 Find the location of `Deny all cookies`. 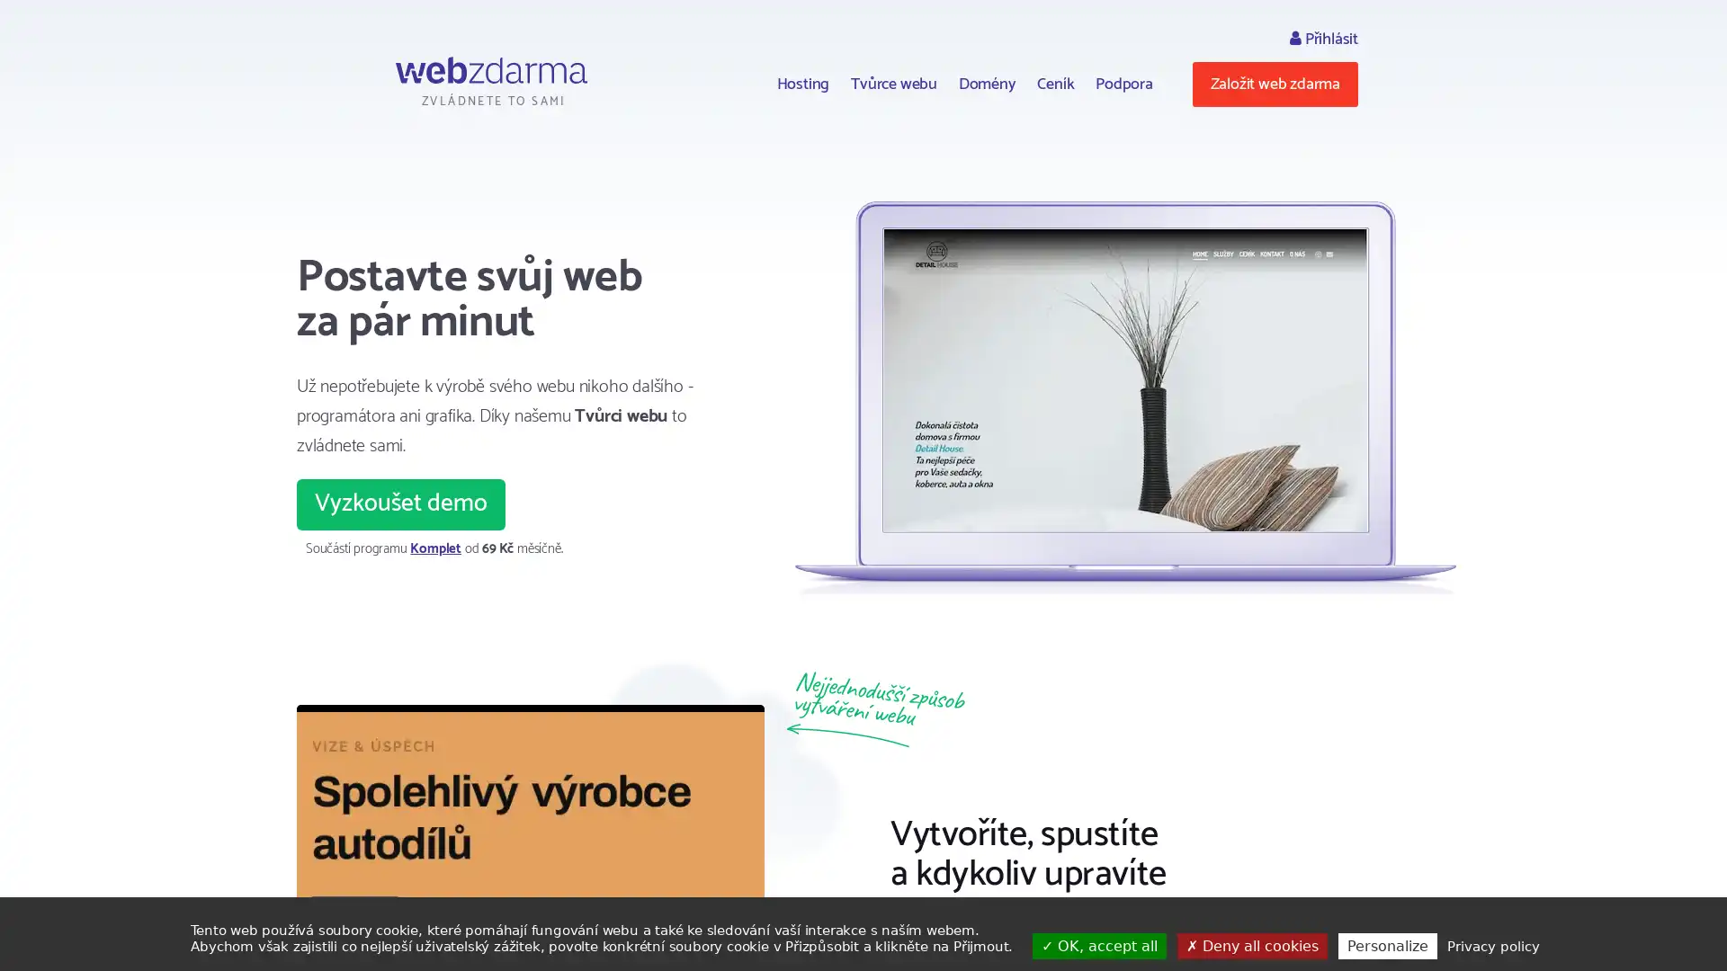

Deny all cookies is located at coordinates (1250, 945).